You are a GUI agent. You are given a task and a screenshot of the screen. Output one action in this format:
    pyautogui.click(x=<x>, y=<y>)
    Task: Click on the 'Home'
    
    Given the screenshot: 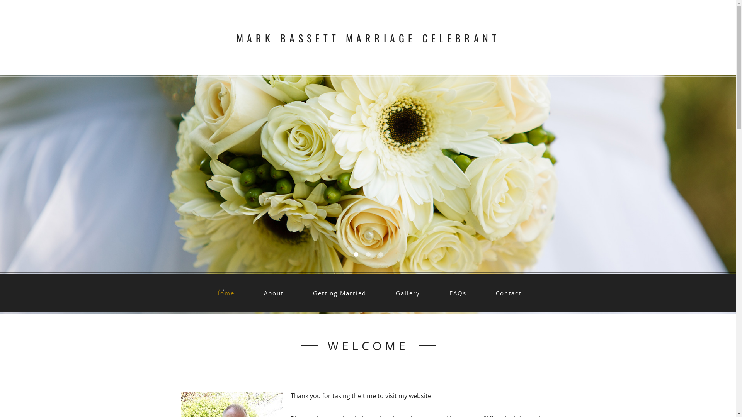 What is the action you would take?
    pyautogui.click(x=224, y=293)
    